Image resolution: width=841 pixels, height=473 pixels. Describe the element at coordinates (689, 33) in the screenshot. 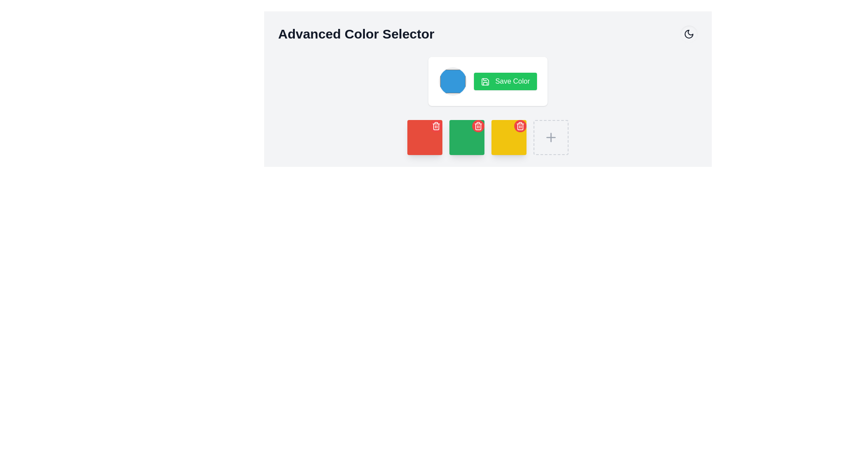

I see `the theme toggle icon located within the circular button at the top-right corner of the interface` at that location.